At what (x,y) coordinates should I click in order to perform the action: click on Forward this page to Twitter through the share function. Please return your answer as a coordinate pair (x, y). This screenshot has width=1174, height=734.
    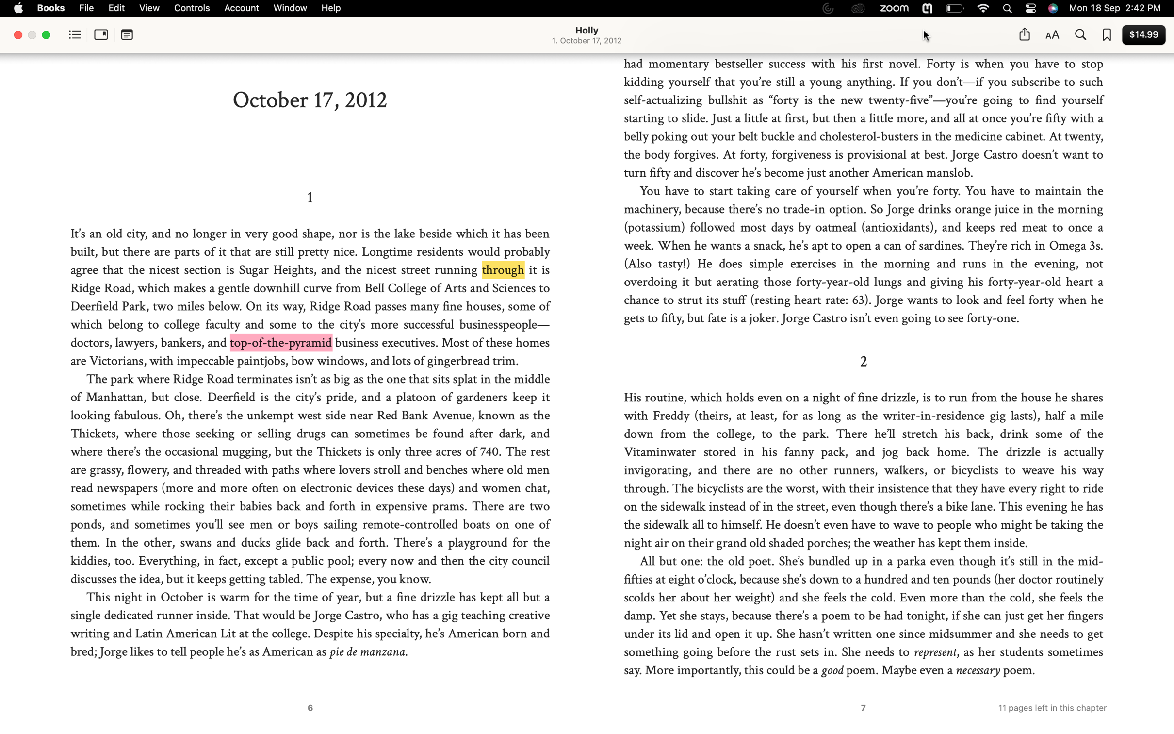
    Looking at the image, I should click on (1024, 34).